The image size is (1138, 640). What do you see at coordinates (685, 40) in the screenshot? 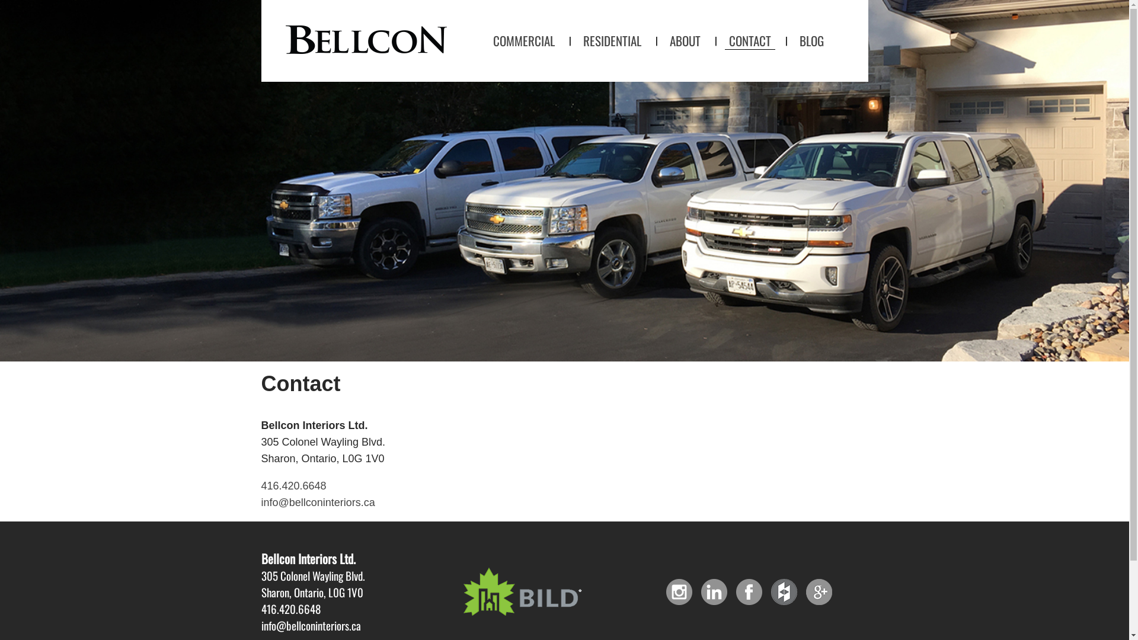
I see `'ABOUT'` at bounding box center [685, 40].